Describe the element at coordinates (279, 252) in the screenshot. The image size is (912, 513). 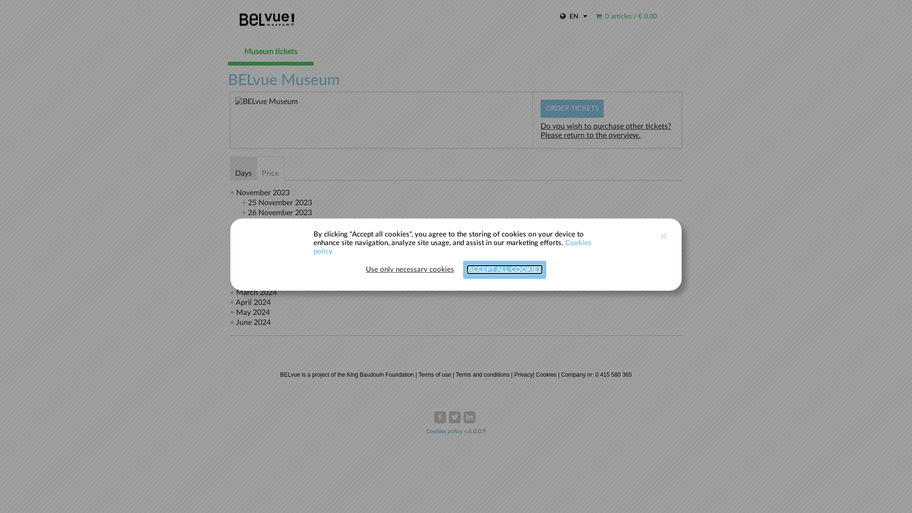
I see `'30 November 2023'` at that location.